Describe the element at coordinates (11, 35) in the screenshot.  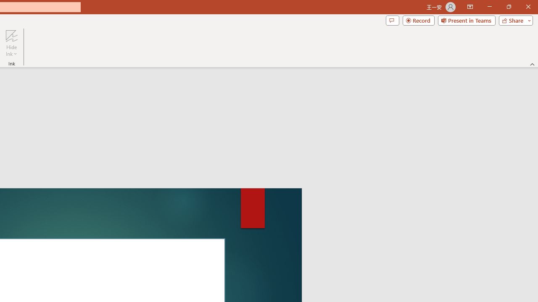
I see `'Hide Ink'` at that location.